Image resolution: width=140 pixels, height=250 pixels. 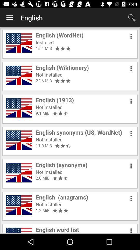 What do you see at coordinates (9, 18) in the screenshot?
I see `the app to the left of the english item` at bounding box center [9, 18].